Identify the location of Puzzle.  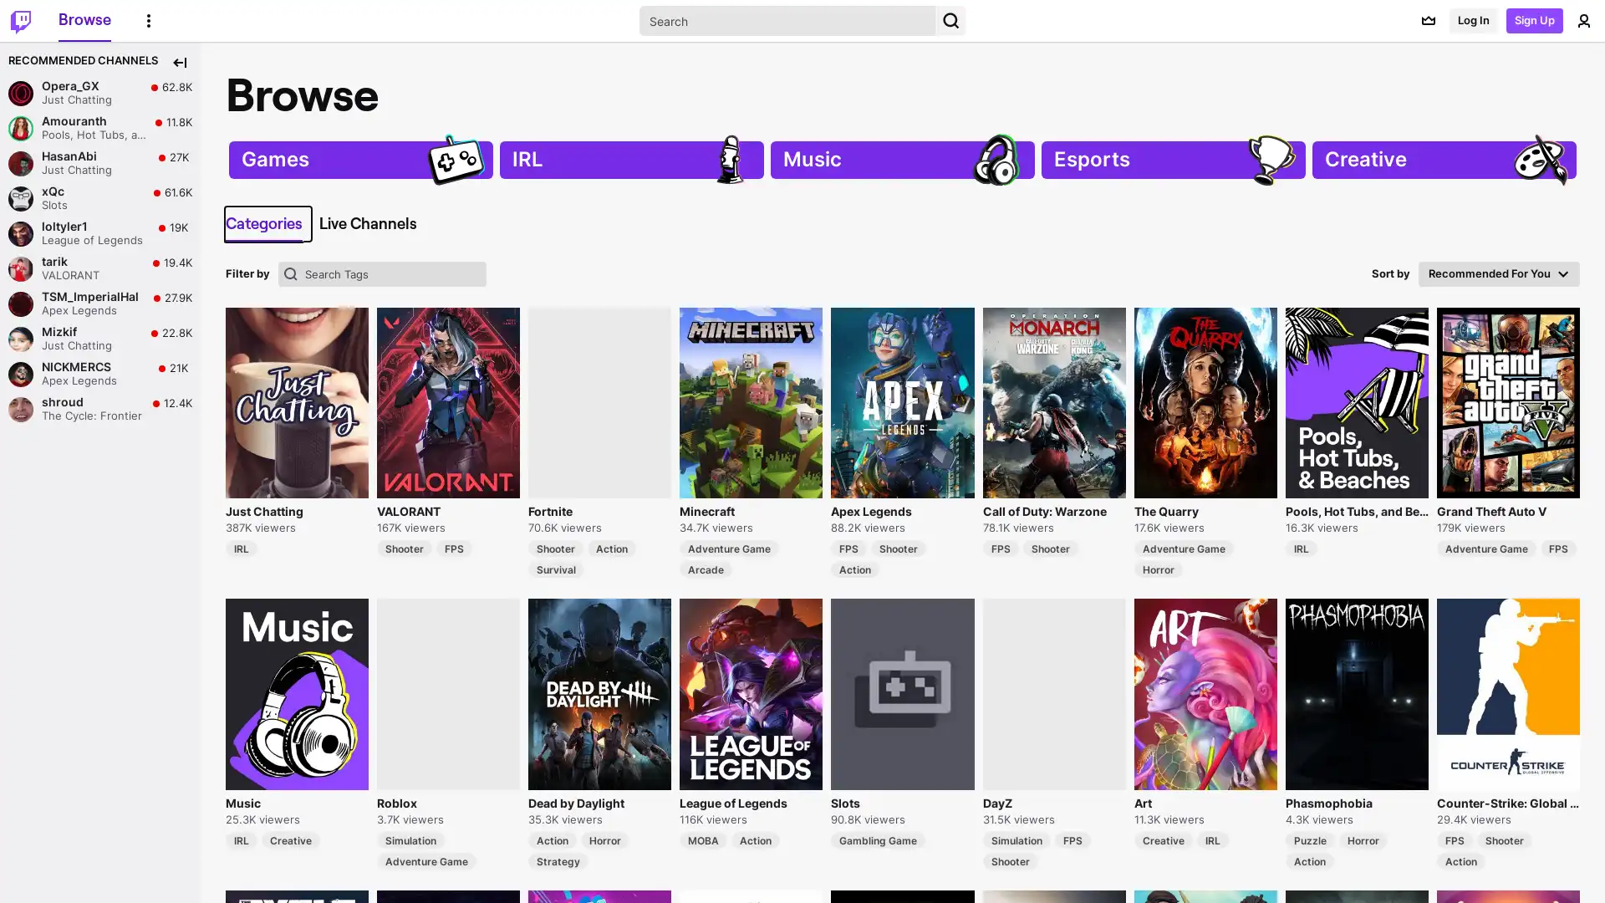
(1308, 840).